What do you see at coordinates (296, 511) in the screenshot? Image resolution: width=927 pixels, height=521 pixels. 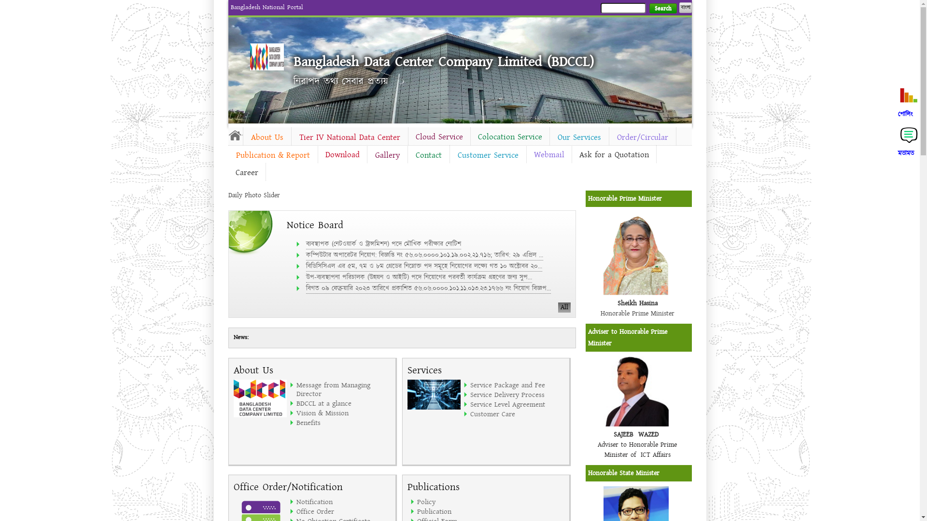 I see `'Office Order'` at bounding box center [296, 511].